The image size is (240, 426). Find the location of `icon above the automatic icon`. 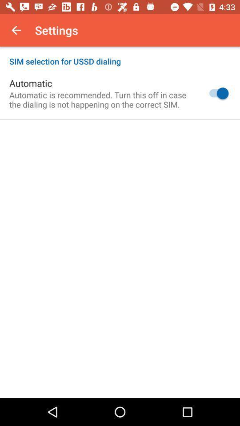

icon above the automatic icon is located at coordinates (120, 56).